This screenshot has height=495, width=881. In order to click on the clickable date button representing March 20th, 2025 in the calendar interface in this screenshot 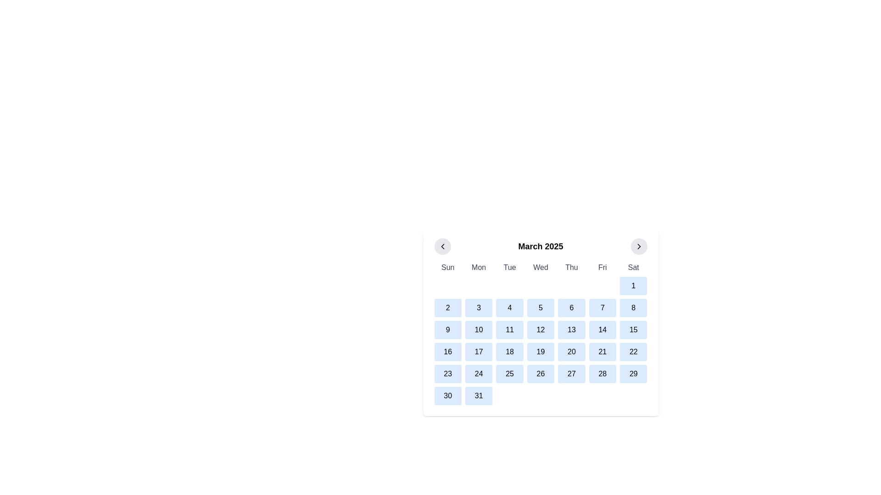, I will do `click(571, 351)`.